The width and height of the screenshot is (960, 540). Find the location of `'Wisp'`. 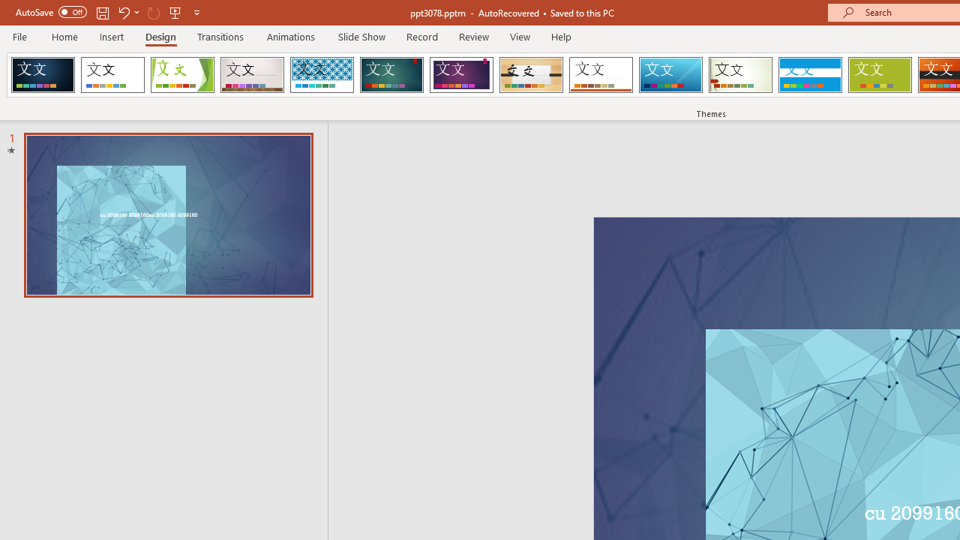

'Wisp' is located at coordinates (740, 75).